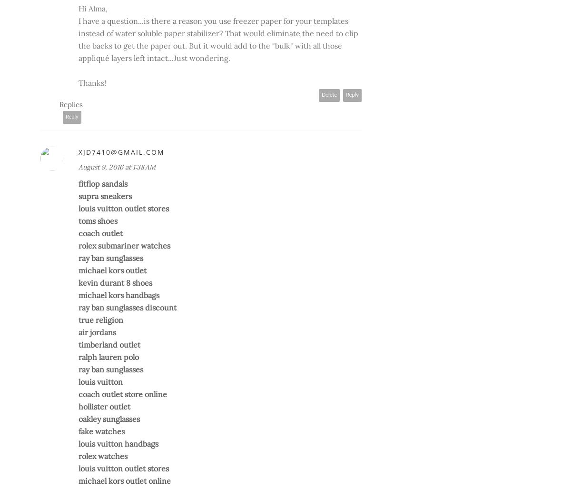 The width and height of the screenshot is (571, 489). What do you see at coordinates (109, 345) in the screenshot?
I see `'timberland outlet'` at bounding box center [109, 345].